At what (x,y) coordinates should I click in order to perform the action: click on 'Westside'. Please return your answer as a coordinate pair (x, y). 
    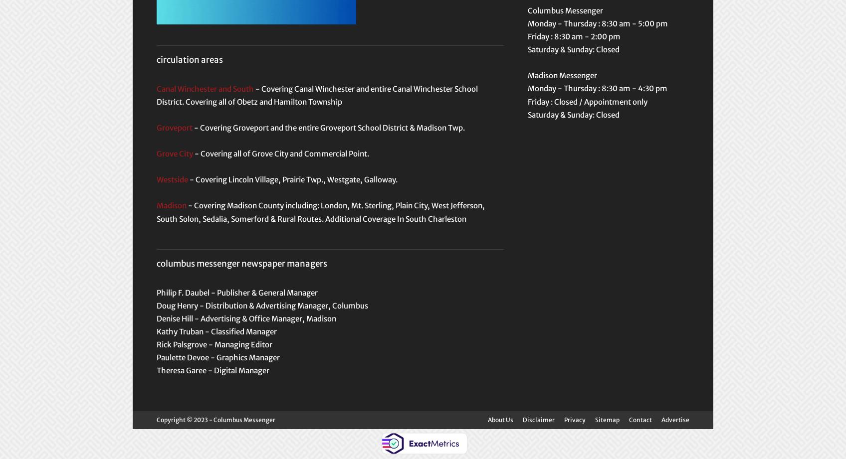
    Looking at the image, I should click on (172, 179).